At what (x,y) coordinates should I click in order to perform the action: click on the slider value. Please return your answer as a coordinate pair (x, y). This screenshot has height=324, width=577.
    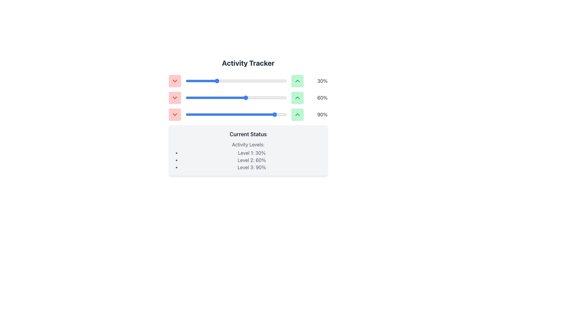
    Looking at the image, I should click on (222, 114).